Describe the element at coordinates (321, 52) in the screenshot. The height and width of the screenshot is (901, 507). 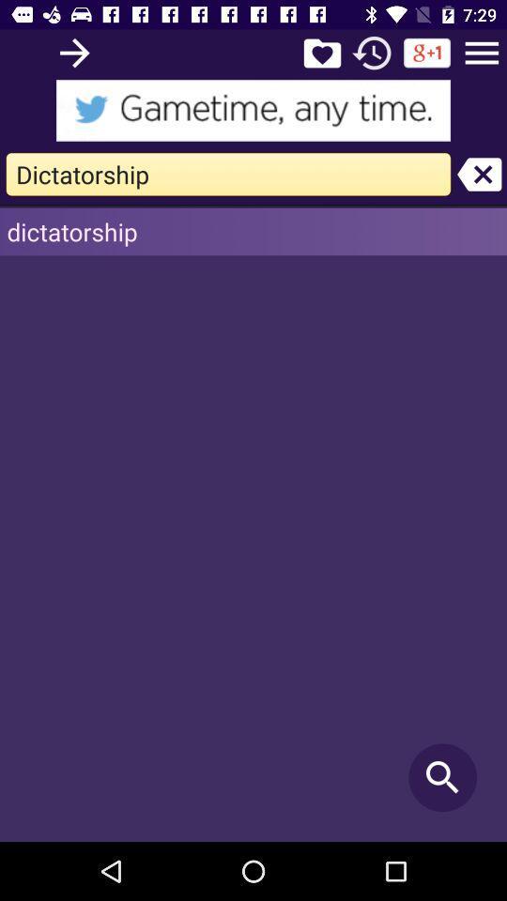
I see `the favorite icon` at that location.